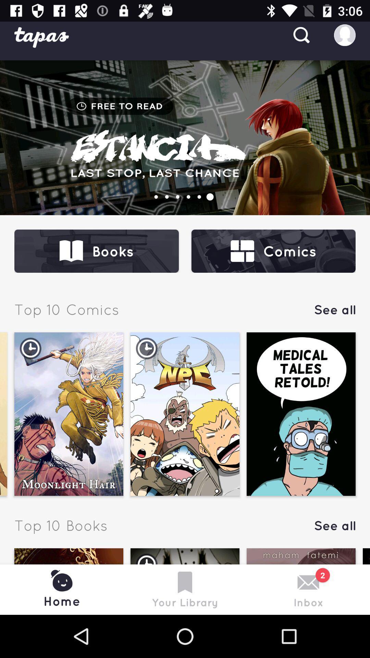 The height and width of the screenshot is (658, 370). Describe the element at coordinates (146, 349) in the screenshot. I see `second image timer` at that location.